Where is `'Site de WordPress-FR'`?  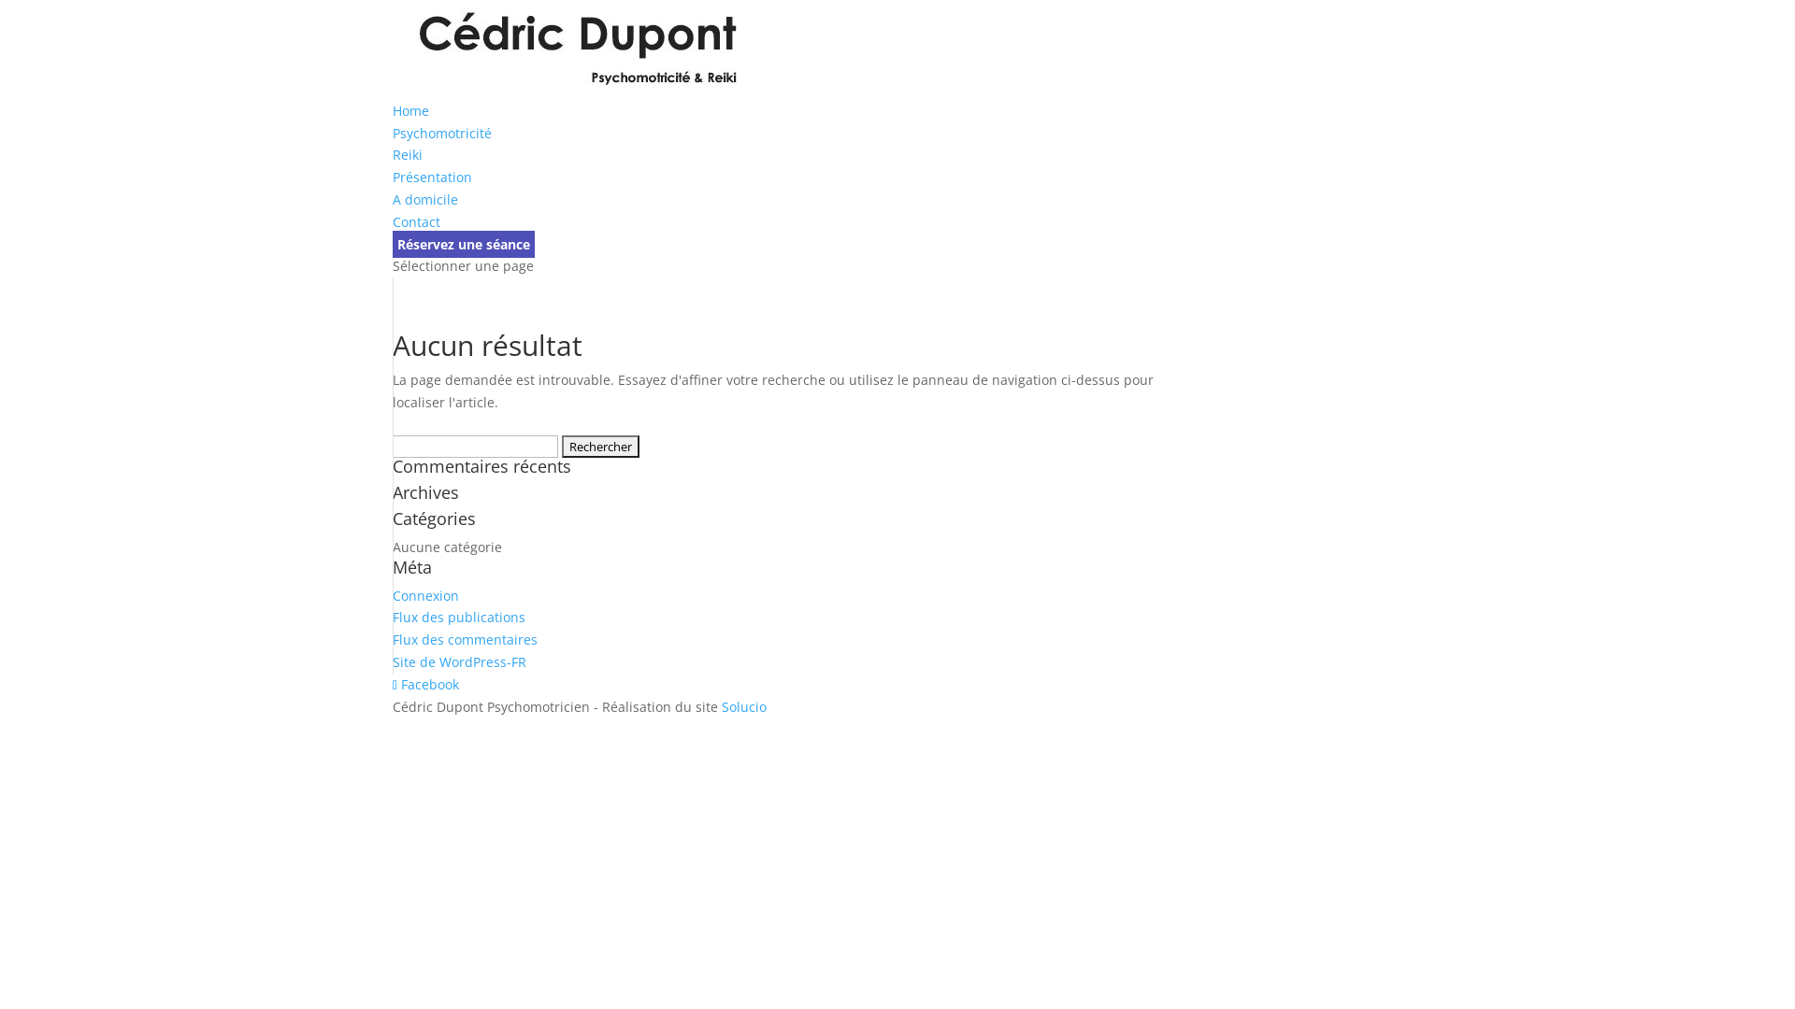 'Site de WordPress-FR' is located at coordinates (459, 661).